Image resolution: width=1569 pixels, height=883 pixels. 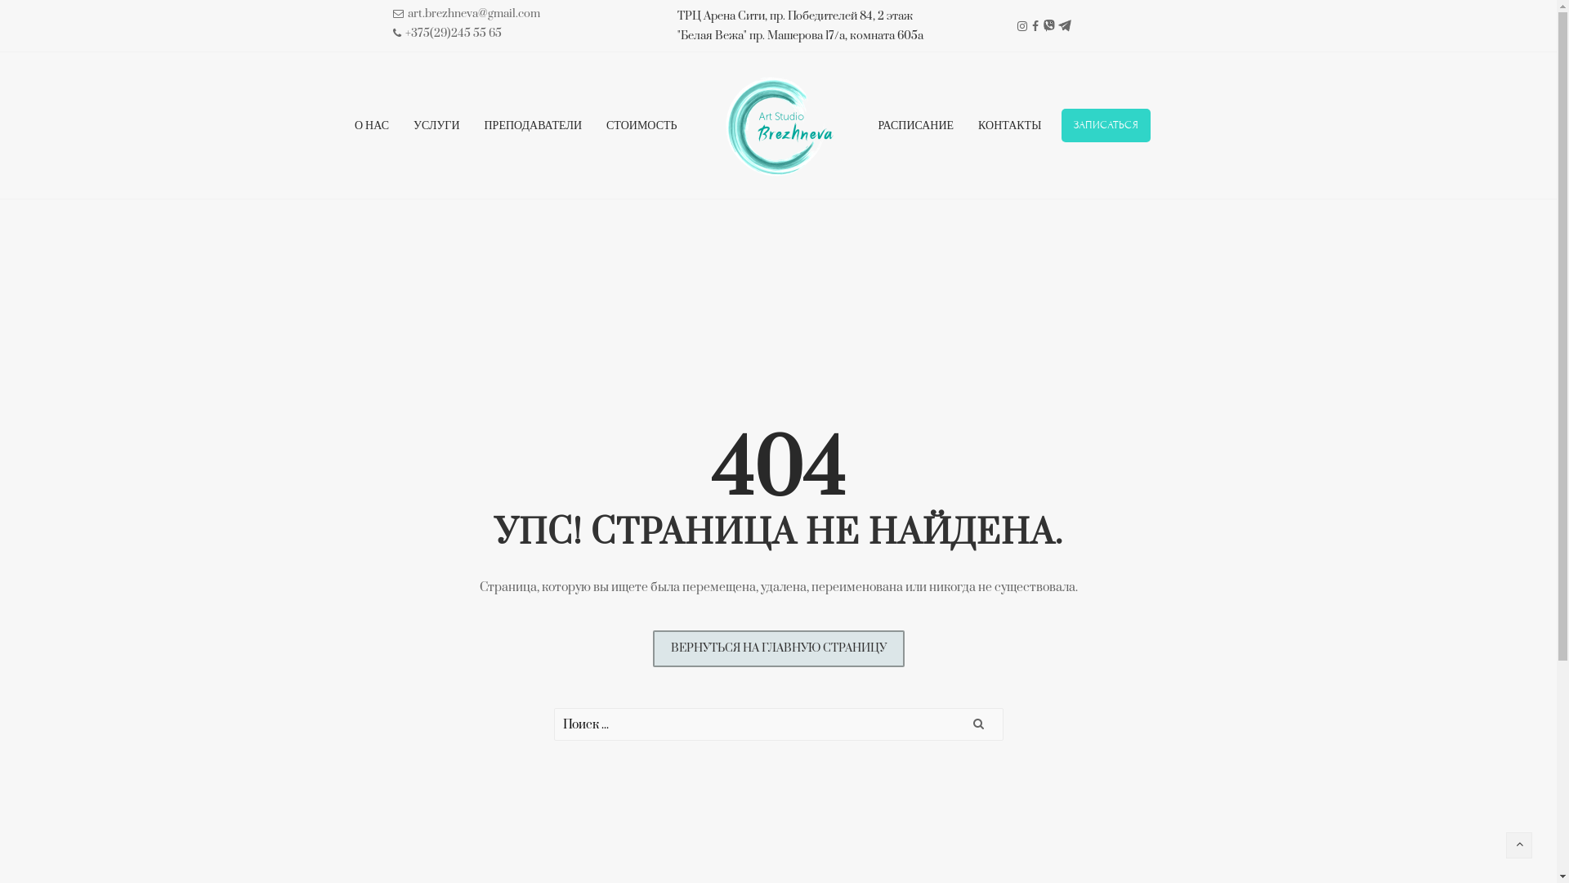 What do you see at coordinates (1064, 25) in the screenshot?
I see `'Telegram'` at bounding box center [1064, 25].